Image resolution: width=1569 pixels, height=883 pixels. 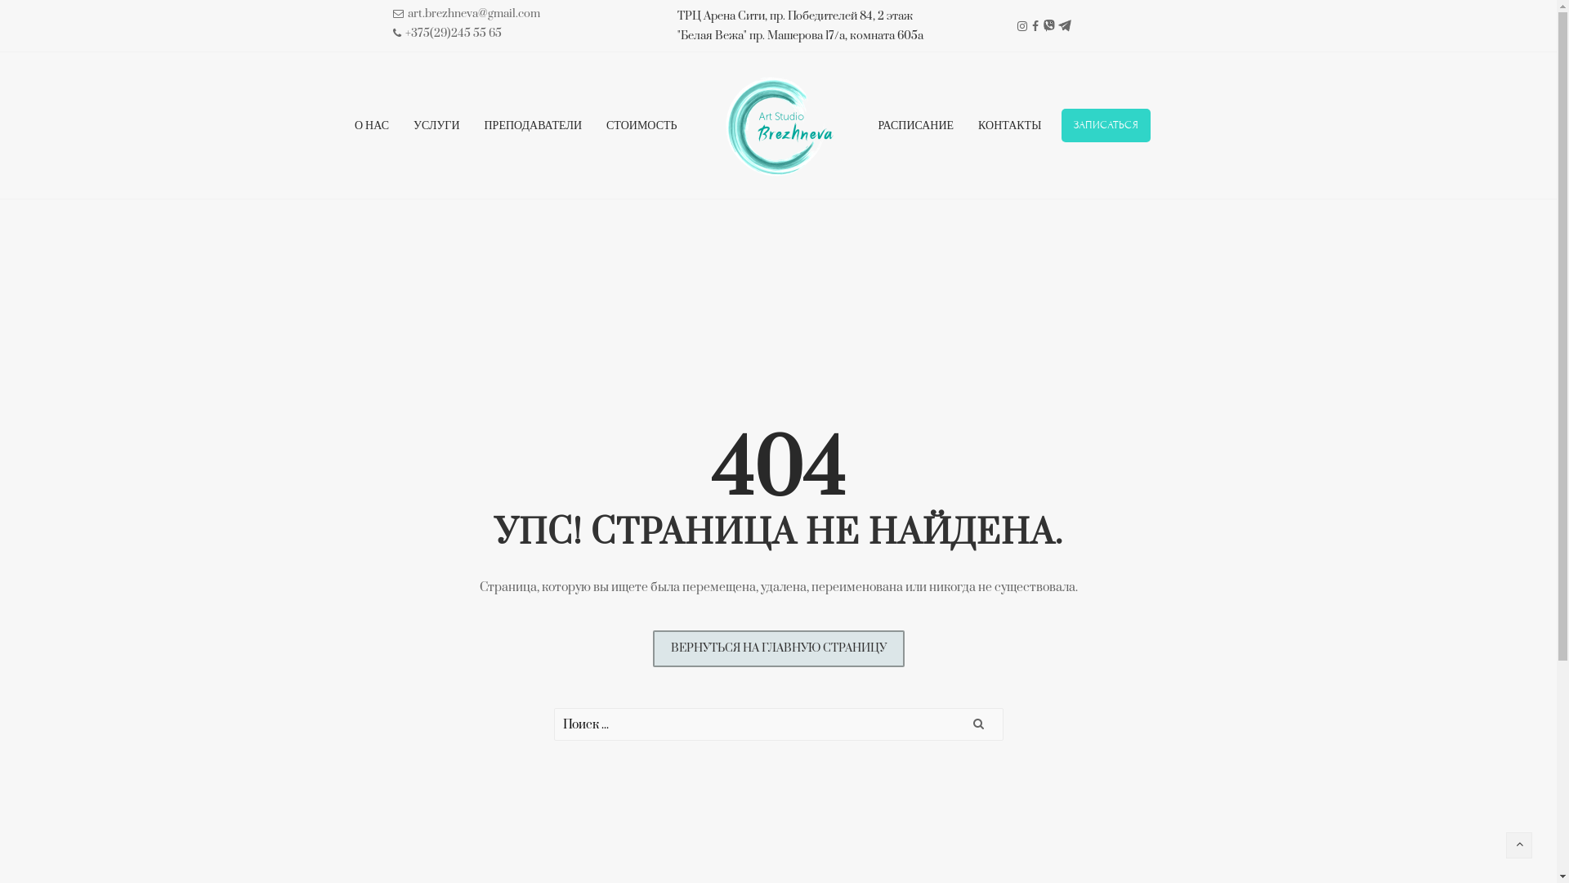 What do you see at coordinates (1064, 25) in the screenshot?
I see `'Telegram'` at bounding box center [1064, 25].